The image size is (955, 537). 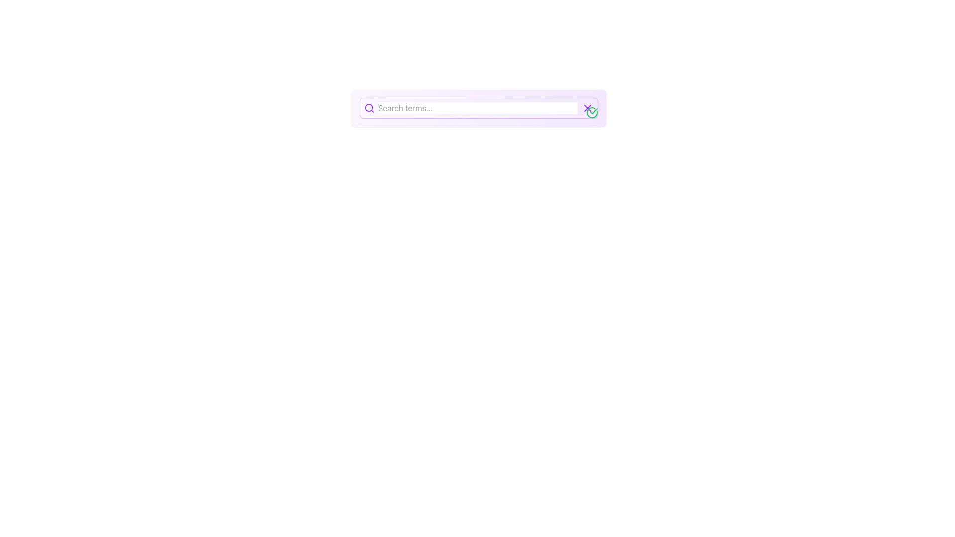 What do you see at coordinates (587, 108) in the screenshot?
I see `the cross ('X') icon element within the SVG icon, located at the far right-hand side of the search bar's input field` at bounding box center [587, 108].